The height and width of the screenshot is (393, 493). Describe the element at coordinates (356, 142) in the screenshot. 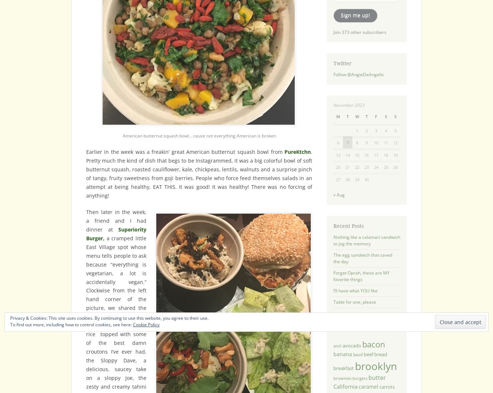

I see `'8'` at that location.